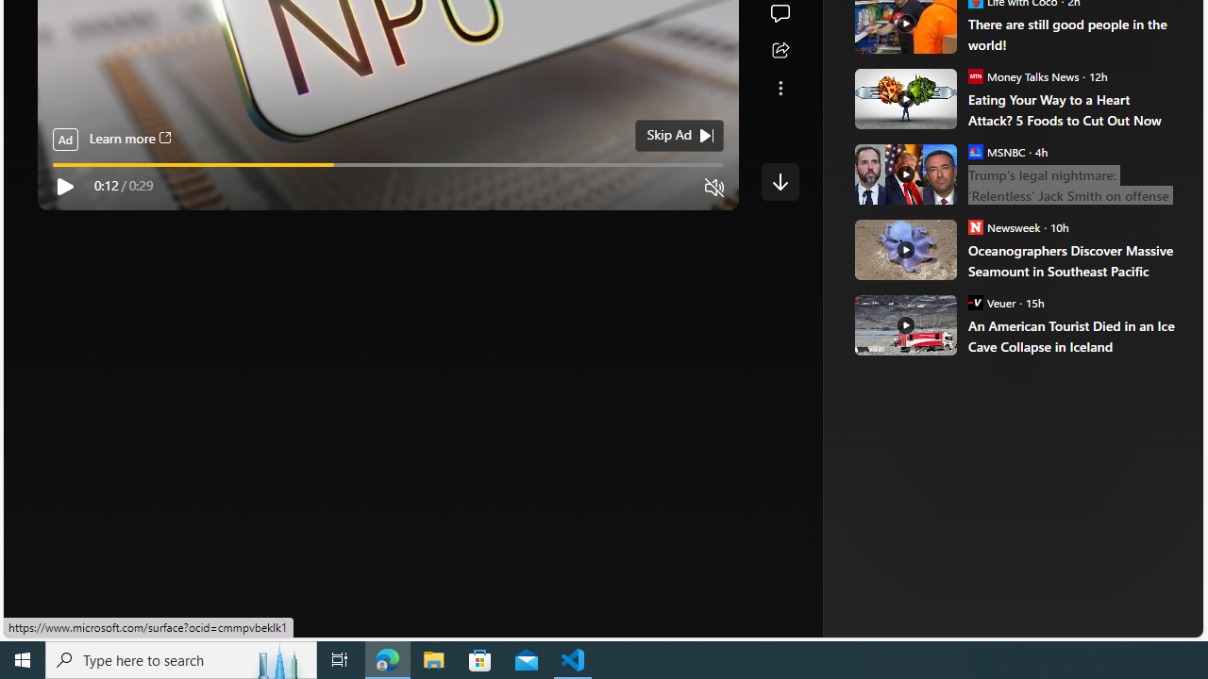  What do you see at coordinates (1072, 34) in the screenshot?
I see `'There are still good people in the world!'` at bounding box center [1072, 34].